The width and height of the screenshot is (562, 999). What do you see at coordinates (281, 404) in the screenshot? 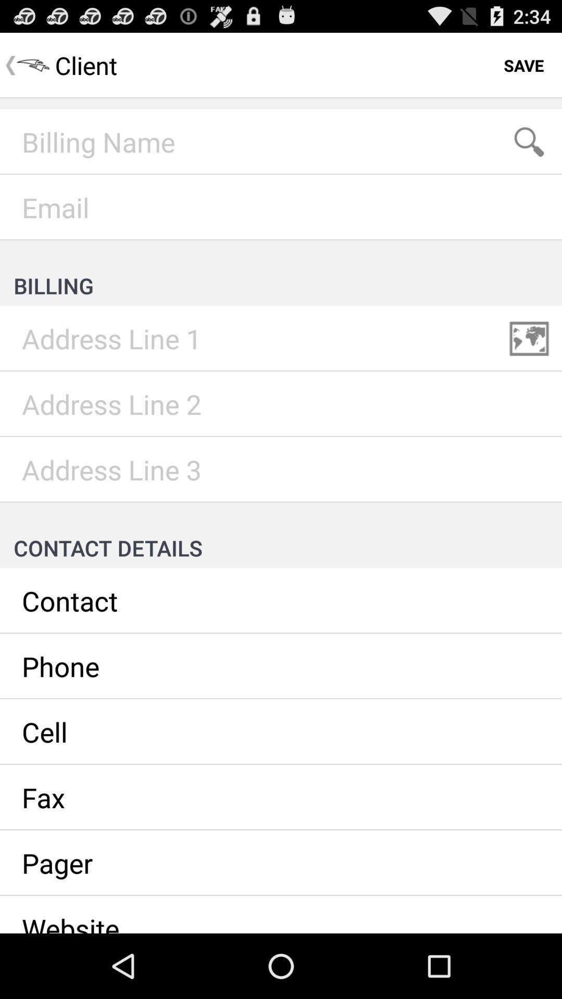
I see `insert address` at bounding box center [281, 404].